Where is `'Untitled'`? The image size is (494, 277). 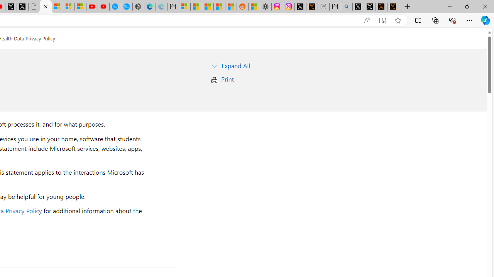
'Untitled' is located at coordinates (34, 7).